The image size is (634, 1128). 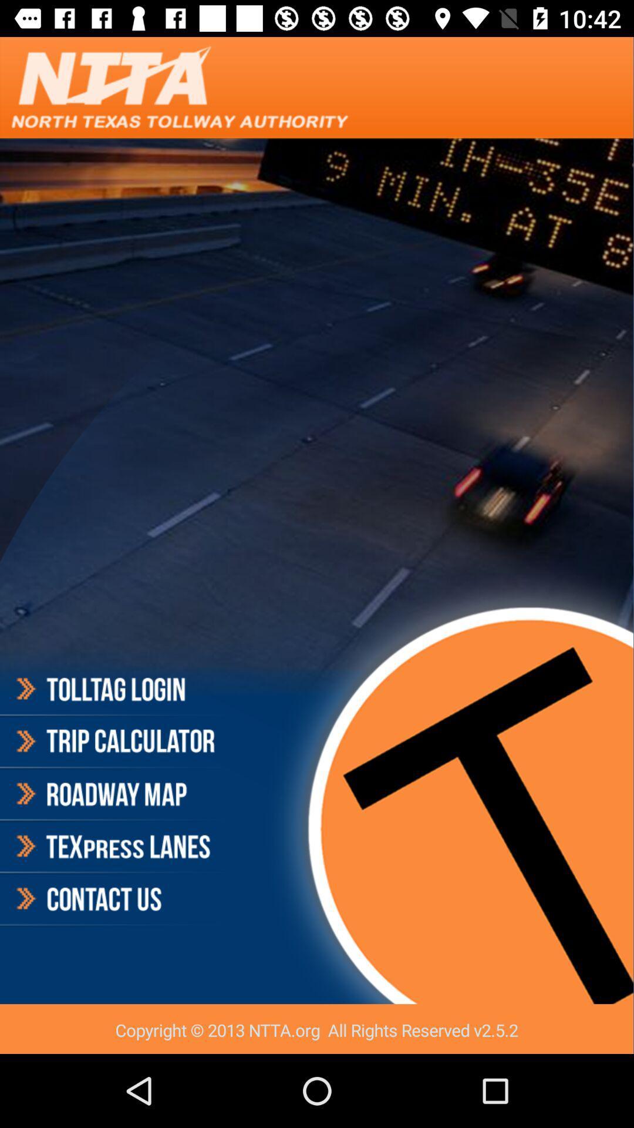 What do you see at coordinates (114, 691) in the screenshot?
I see `login to tolltag` at bounding box center [114, 691].